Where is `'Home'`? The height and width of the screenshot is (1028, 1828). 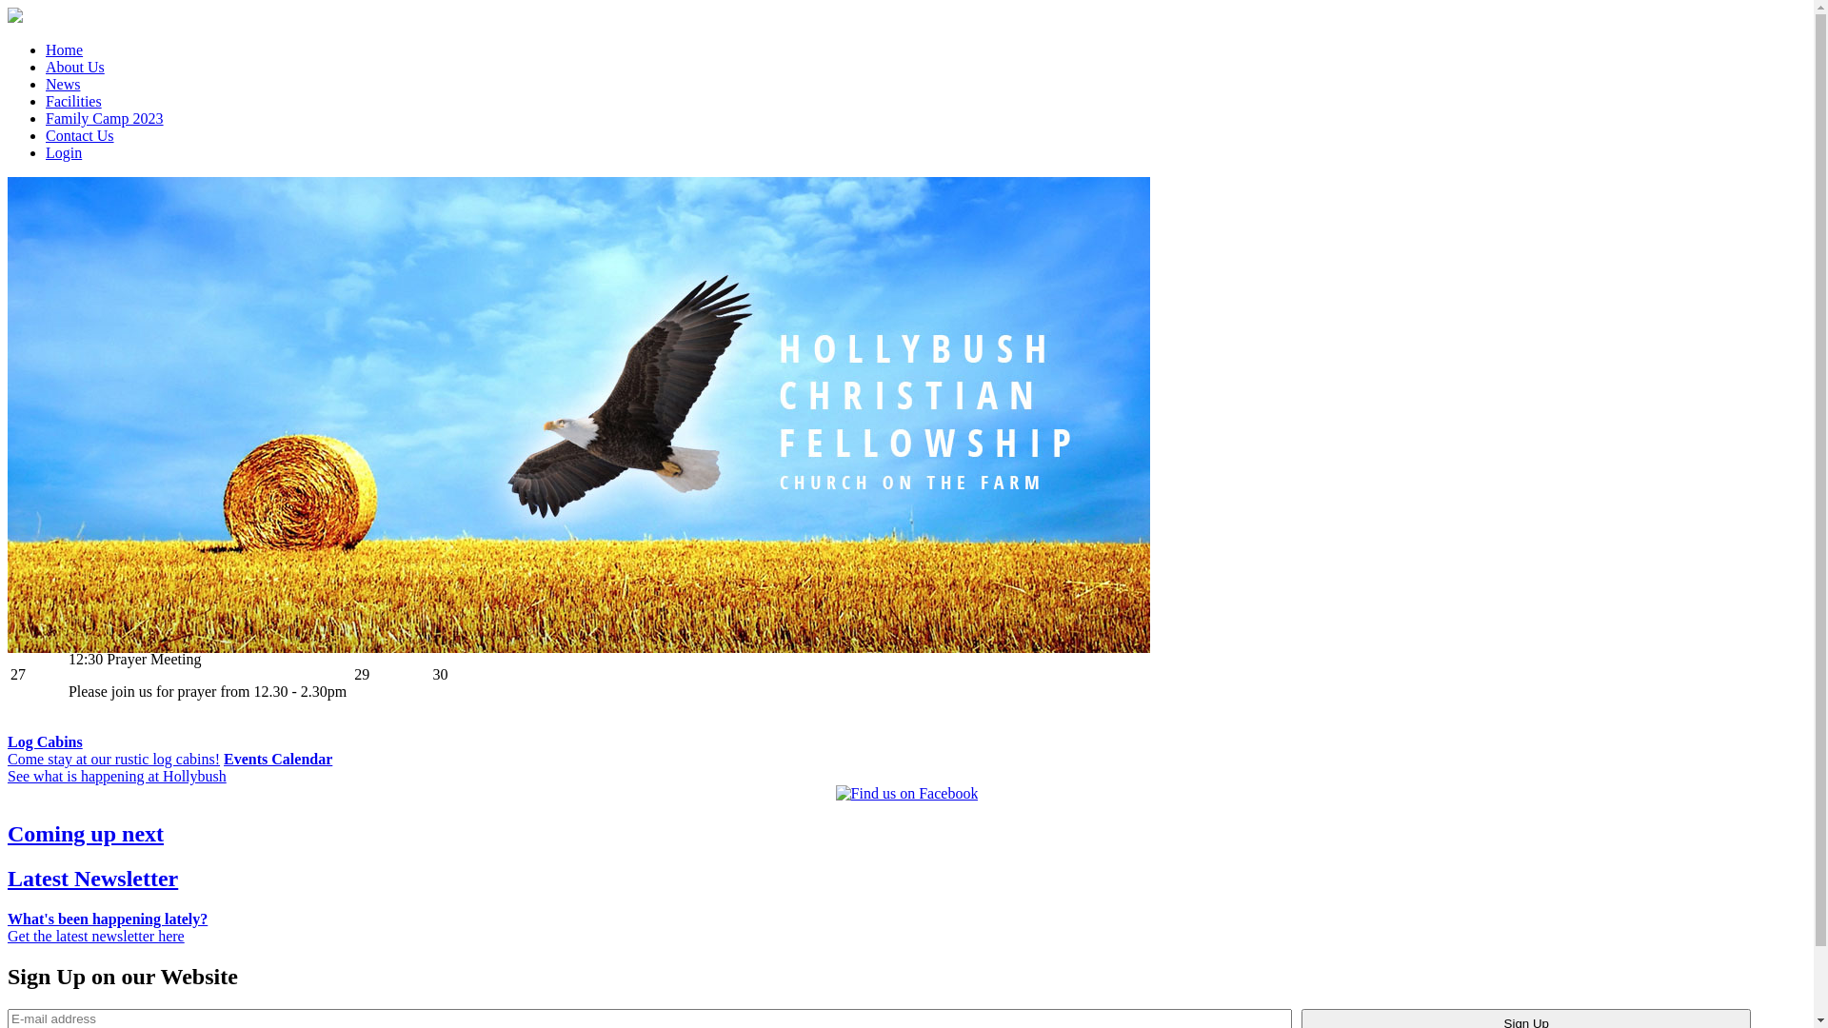 'Home' is located at coordinates (64, 49).